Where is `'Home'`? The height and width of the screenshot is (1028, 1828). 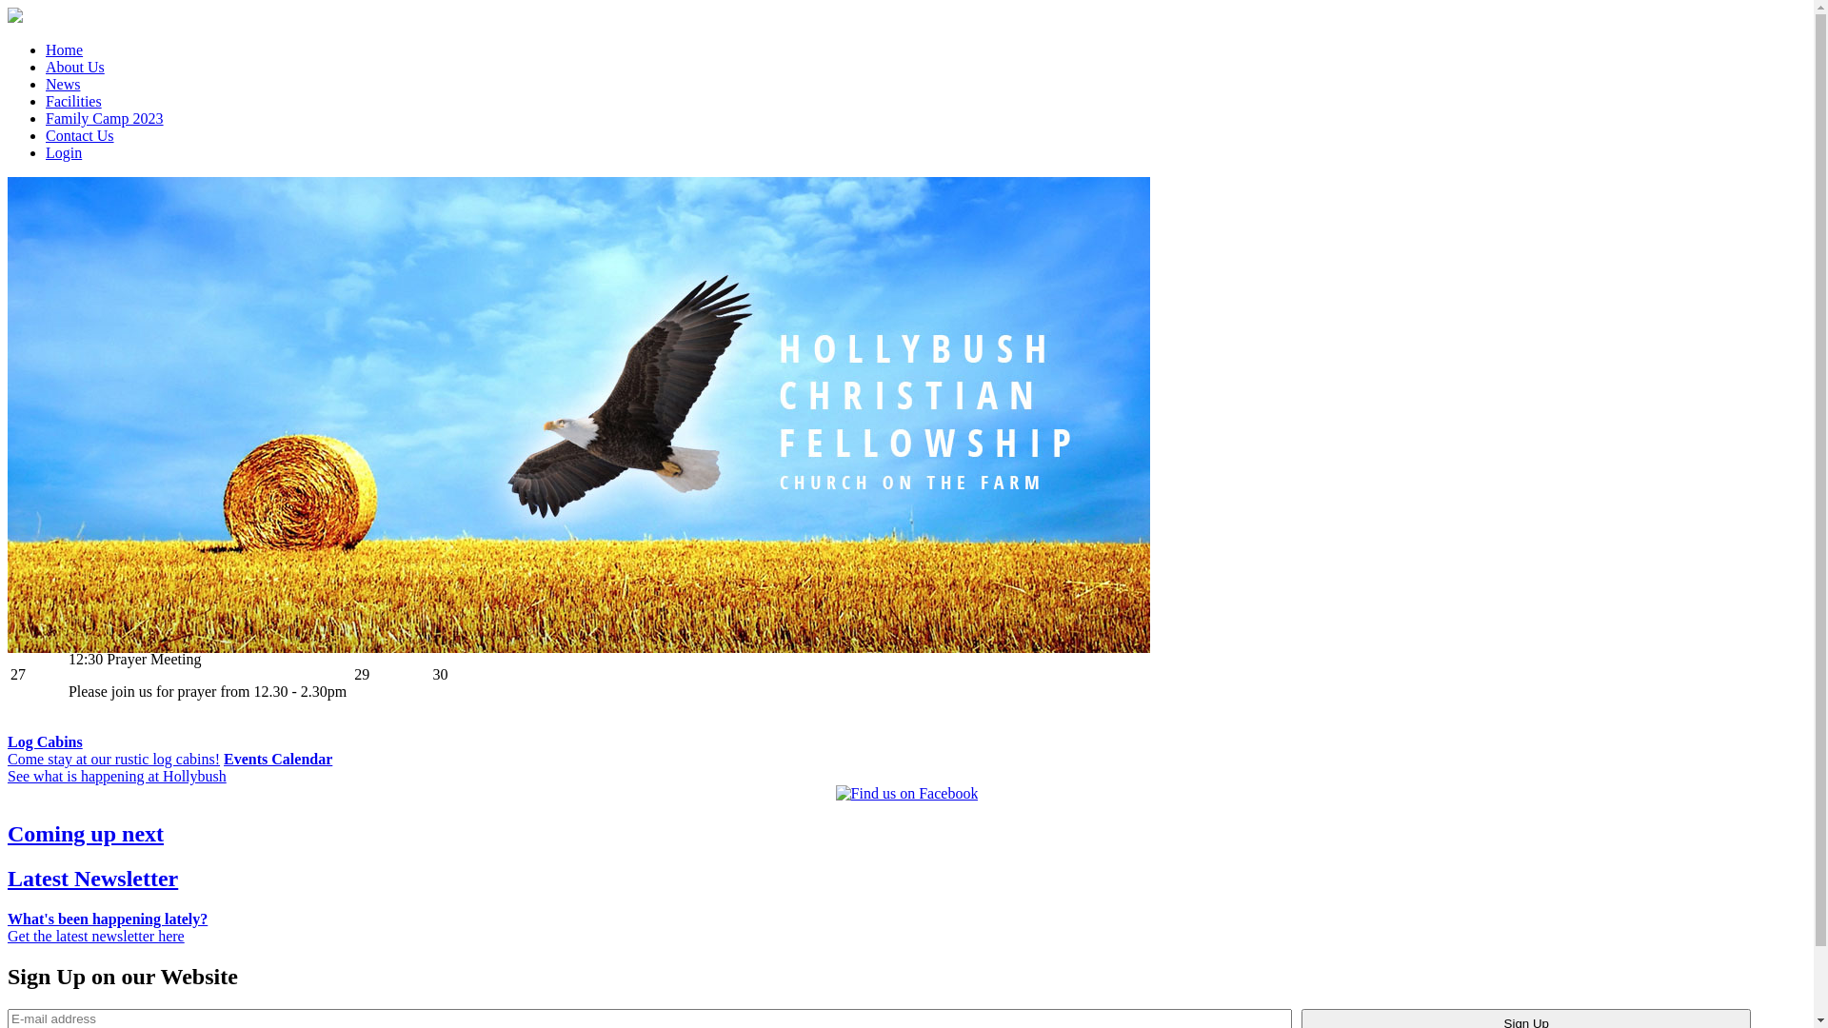 'Home' is located at coordinates (64, 49).